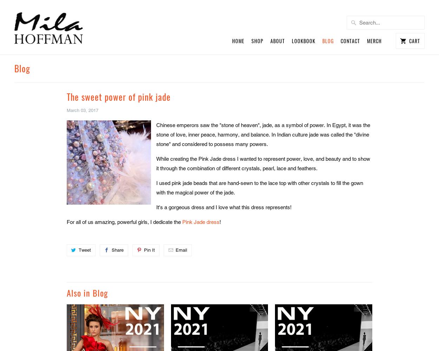 The width and height of the screenshot is (439, 351). Describe the element at coordinates (303, 40) in the screenshot. I see `'Lookbook'` at that location.